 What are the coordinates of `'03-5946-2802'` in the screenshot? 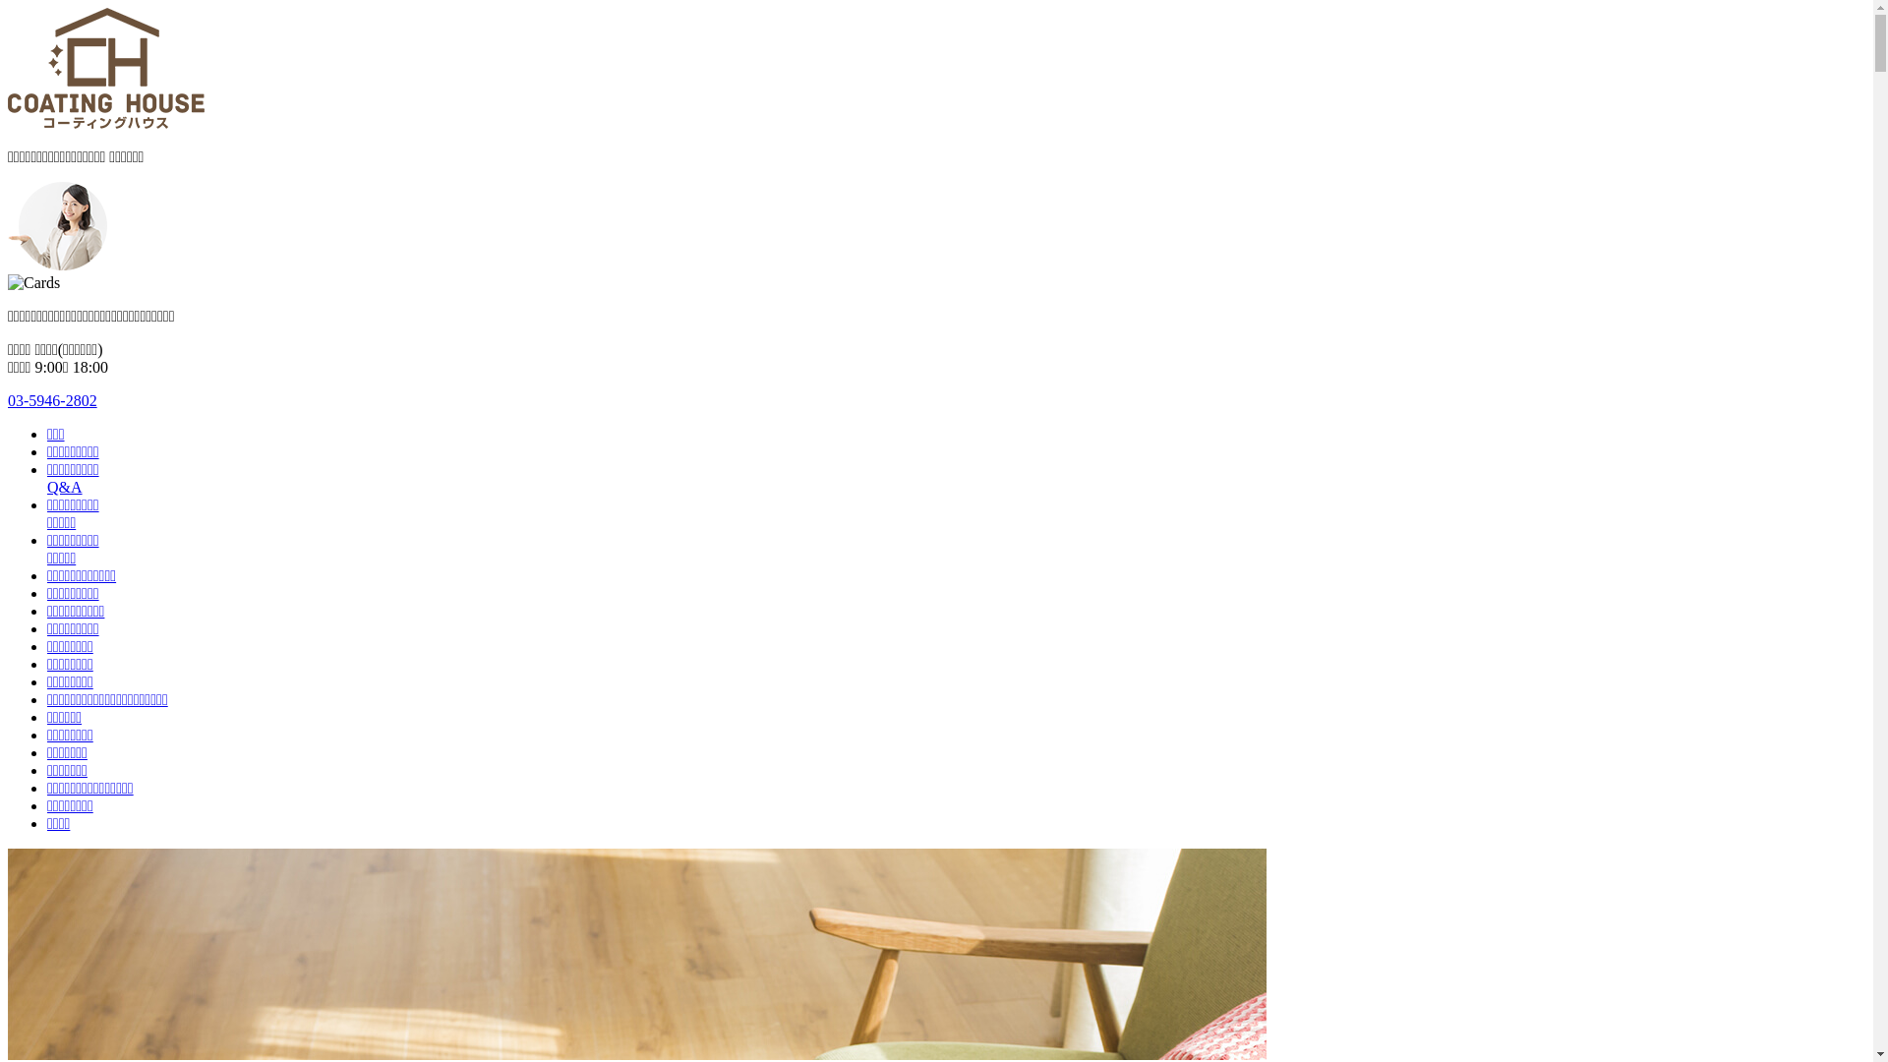 It's located at (52, 399).